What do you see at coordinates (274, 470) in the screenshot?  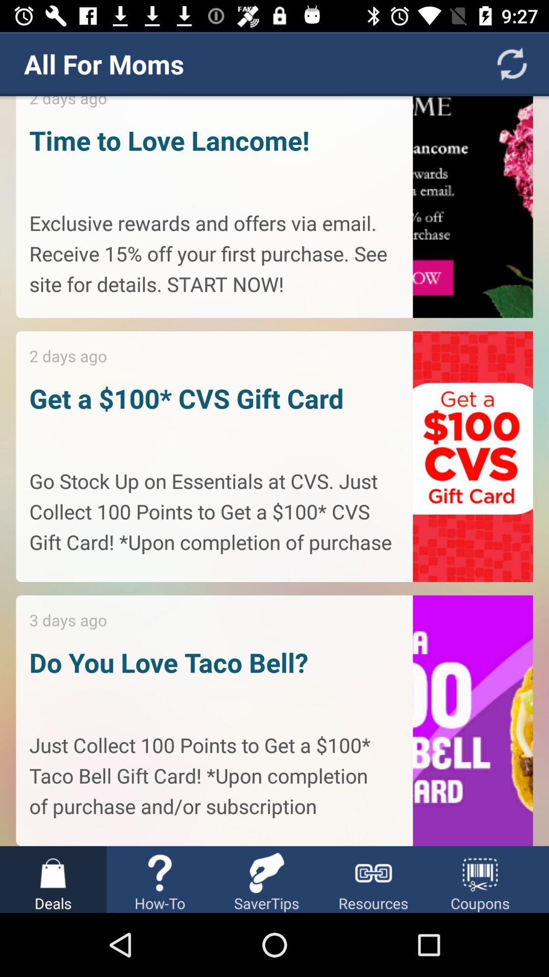 I see `item below the all for moms app` at bounding box center [274, 470].